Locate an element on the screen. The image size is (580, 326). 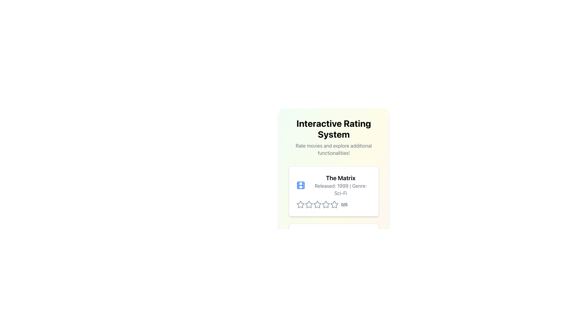
the next section of the movie rating interface by interacting with the header text element, which serves as an introduction and is centrally positioned near the top of the application is located at coordinates (333, 165).